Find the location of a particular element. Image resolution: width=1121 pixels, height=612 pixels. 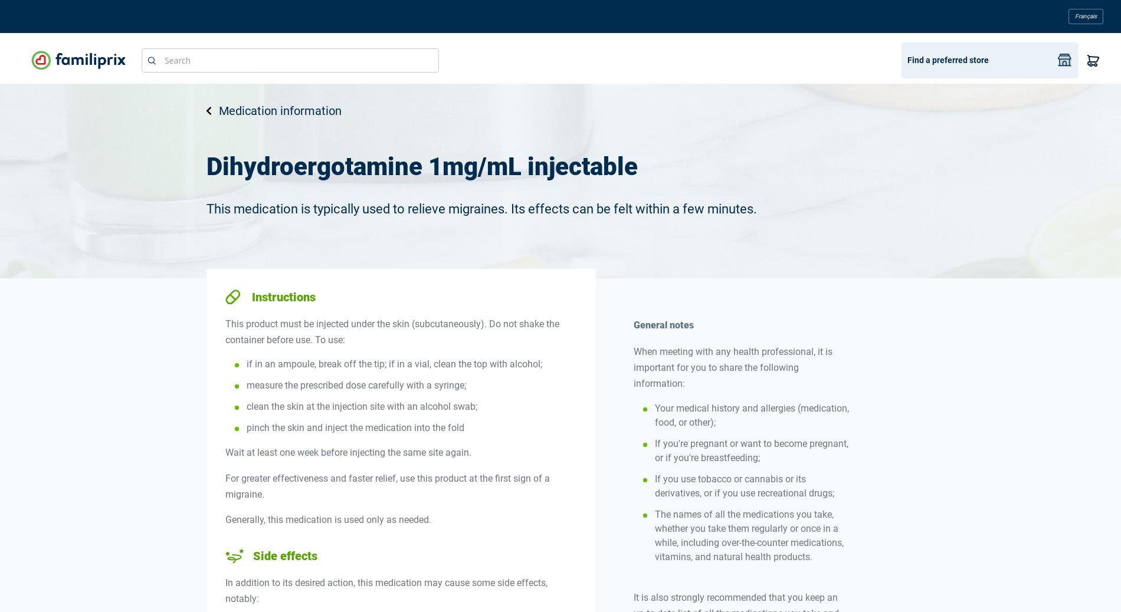

'This product must be injected under the skin (subcutaneously). Do not shake the container before use. To use:' is located at coordinates (392, 331).